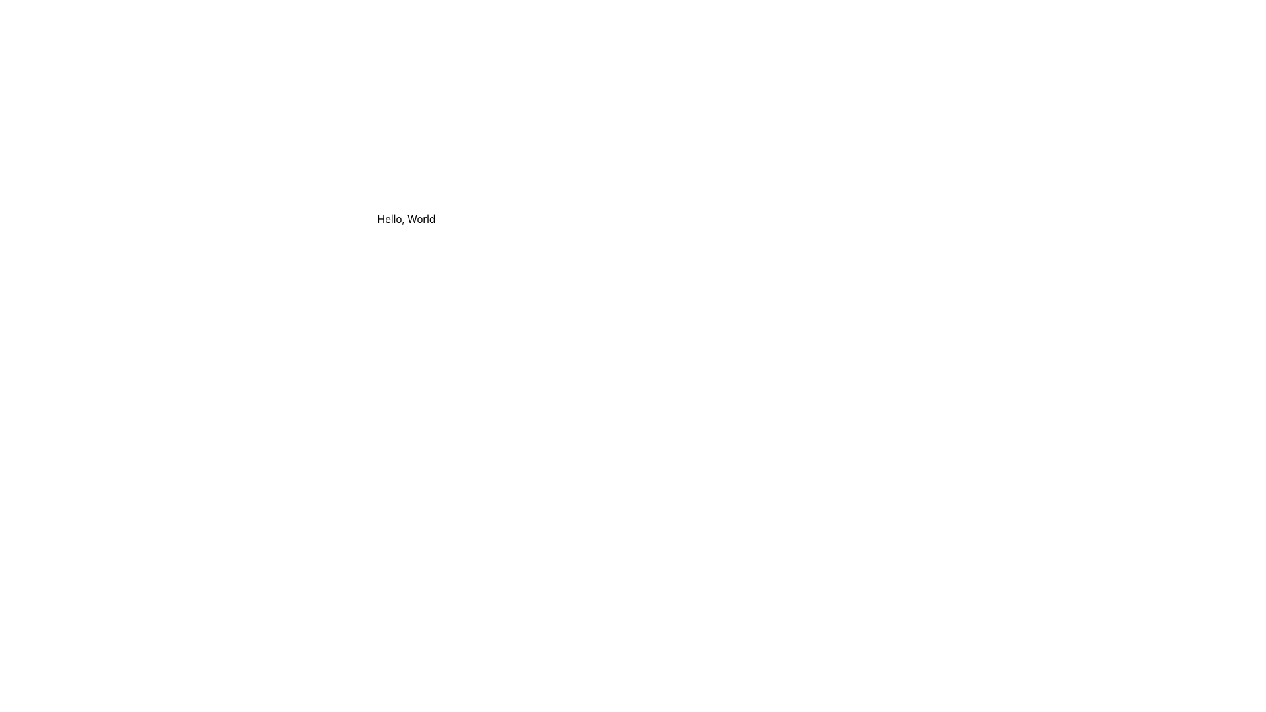 The height and width of the screenshot is (712, 1266). What do you see at coordinates (406, 218) in the screenshot?
I see `the text element displaying 'Hello, World,' which is centrally aligned and set in a dark font on a light background` at bounding box center [406, 218].